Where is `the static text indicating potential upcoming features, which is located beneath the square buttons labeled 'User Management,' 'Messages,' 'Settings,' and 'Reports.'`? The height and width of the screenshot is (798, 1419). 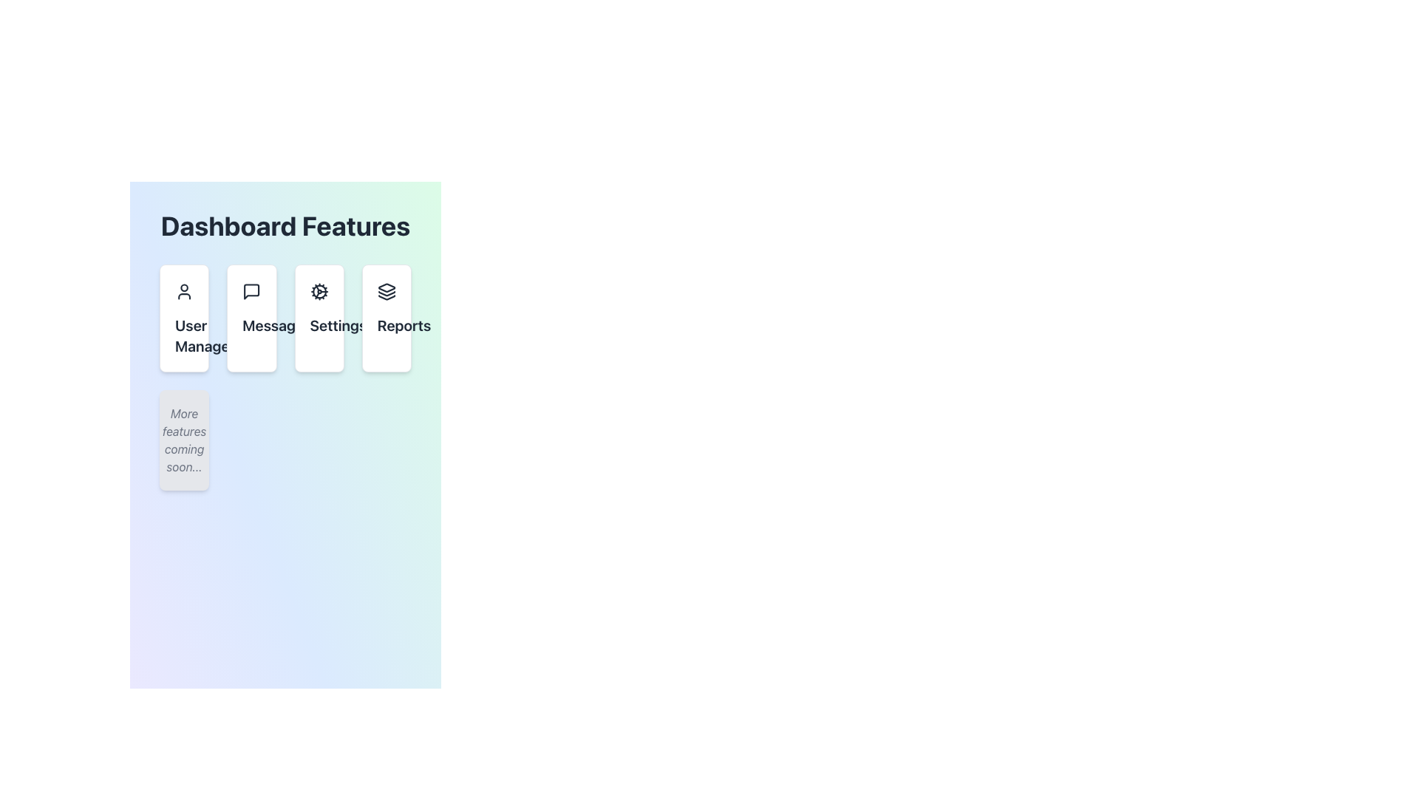 the static text indicating potential upcoming features, which is located beneath the square buttons labeled 'User Management,' 'Messages,' 'Settings,' and 'Reports.' is located at coordinates (183, 440).